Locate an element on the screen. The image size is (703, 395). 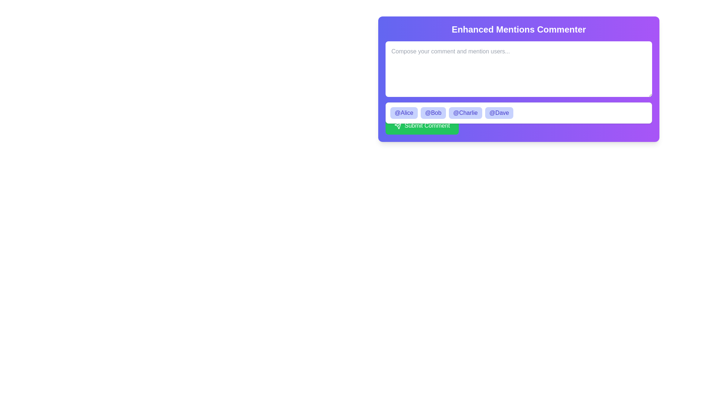
the comment submission button located at the bottom of the interface, beneath the username chips is located at coordinates (422, 125).